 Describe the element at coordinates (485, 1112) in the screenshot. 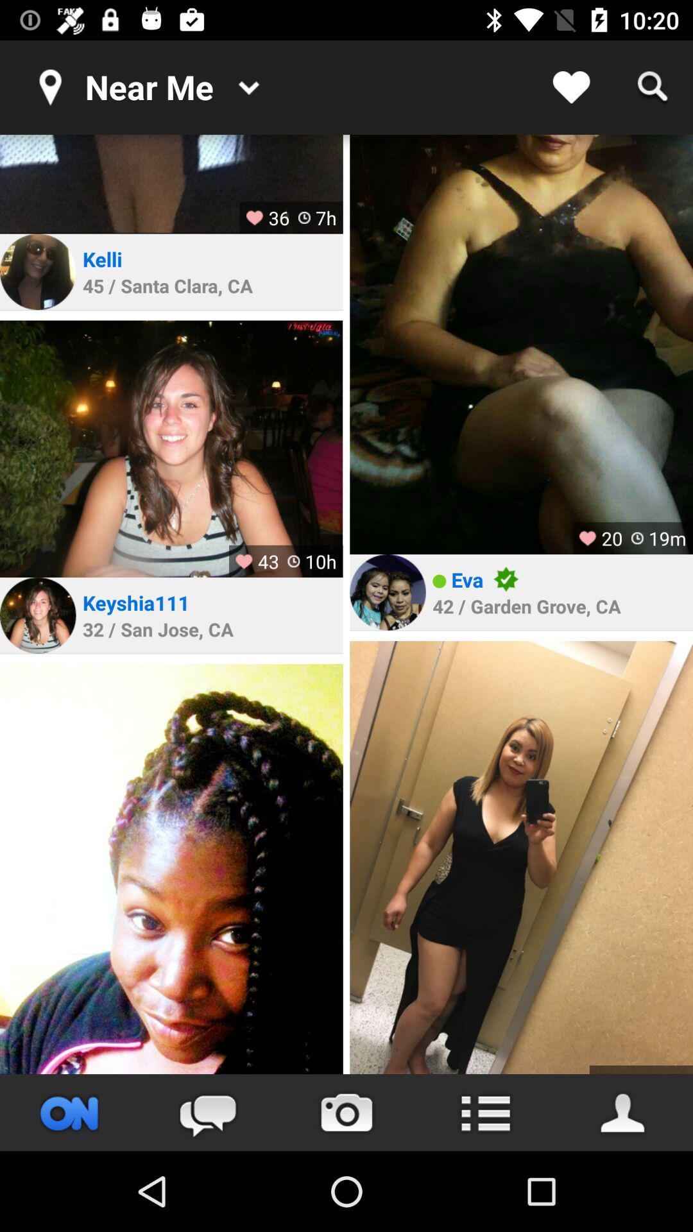

I see `menu option` at that location.